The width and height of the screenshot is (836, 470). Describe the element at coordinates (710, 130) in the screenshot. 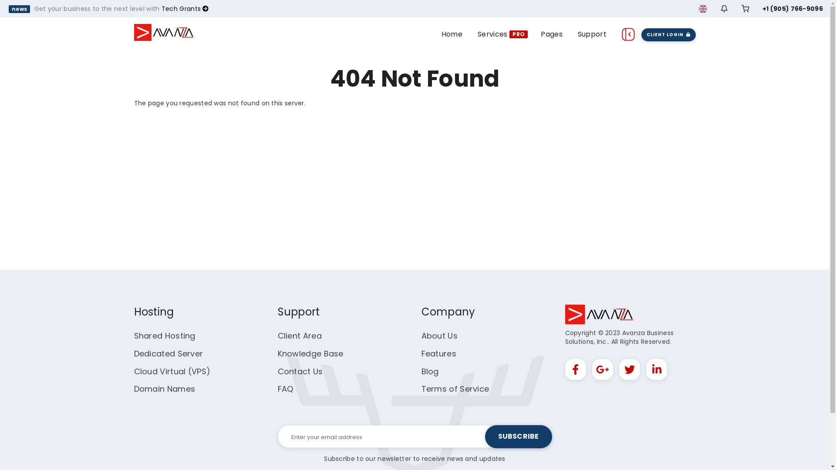

I see `'Login'` at that location.